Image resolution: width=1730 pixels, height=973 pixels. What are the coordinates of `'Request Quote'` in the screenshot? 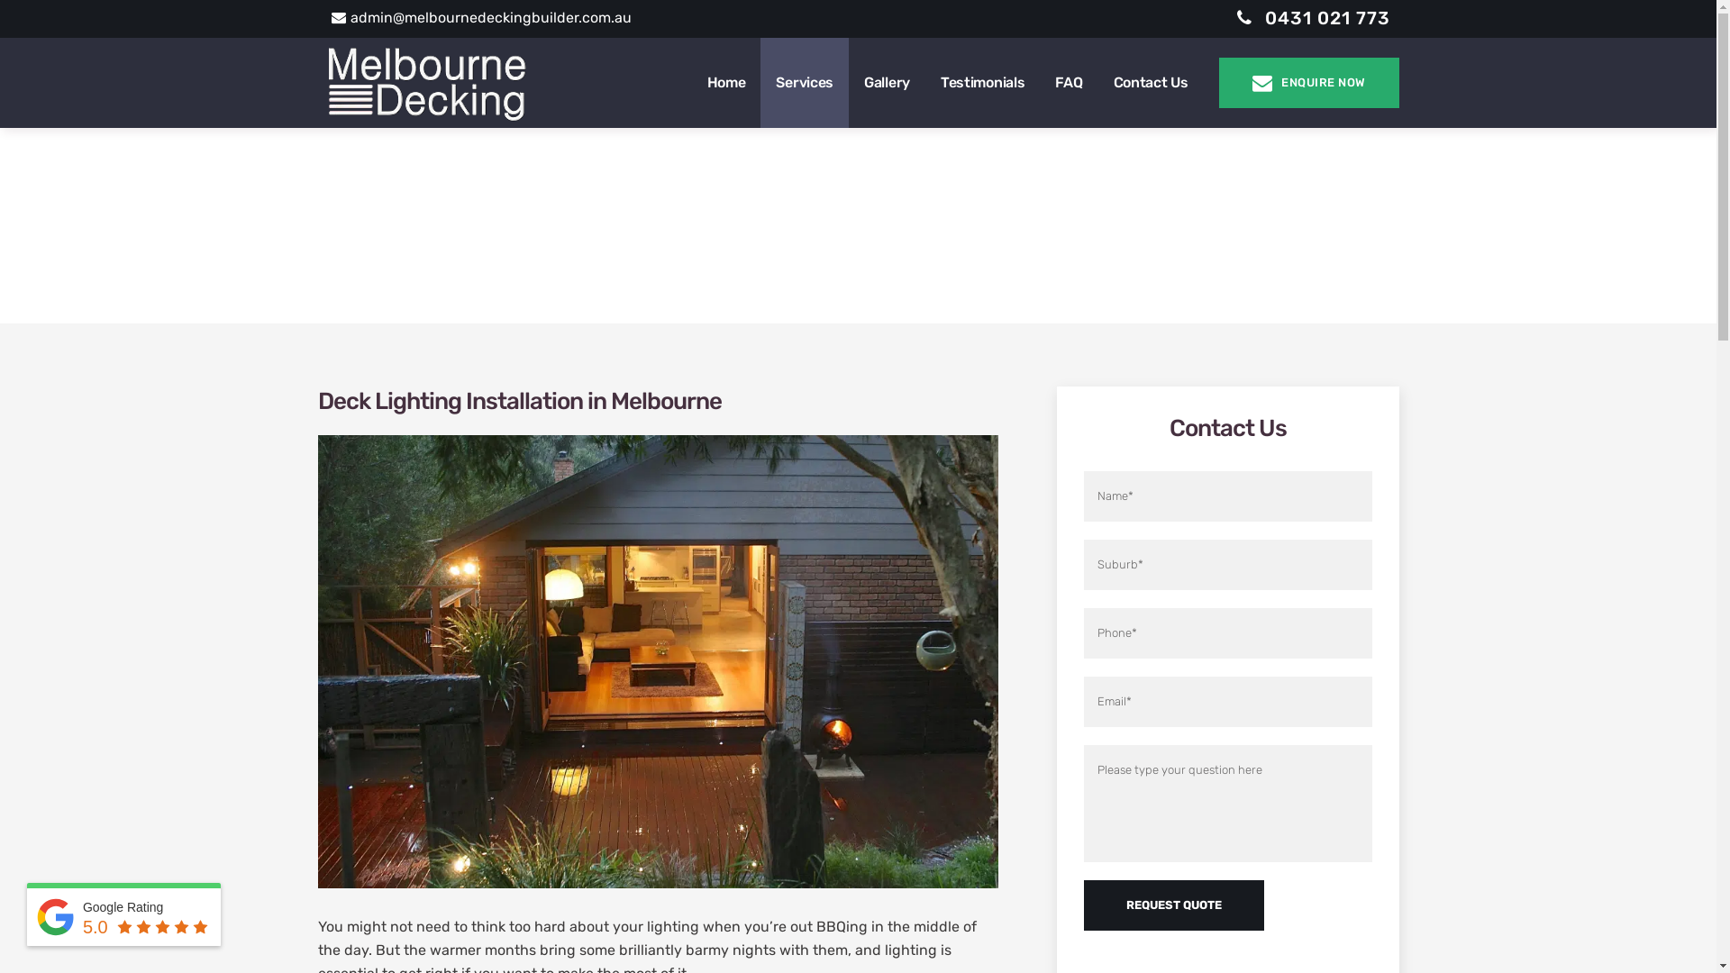 It's located at (1172, 905).